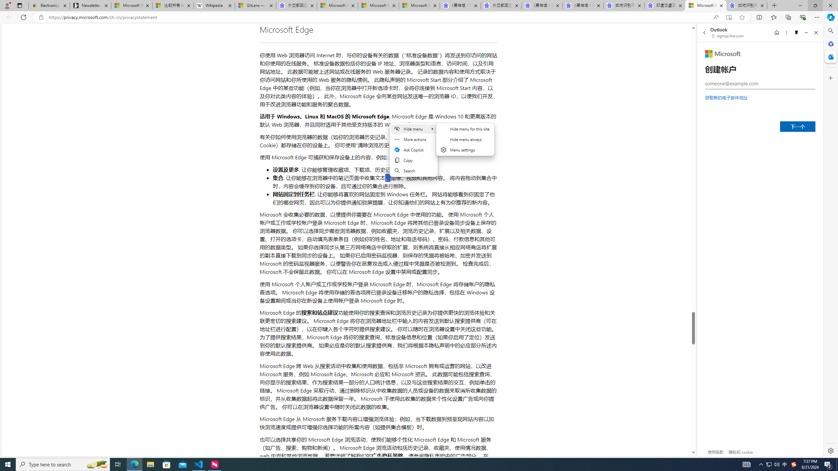 Image resolution: width=838 pixels, height=471 pixels. I want to click on 'Menu settings', so click(465, 149).